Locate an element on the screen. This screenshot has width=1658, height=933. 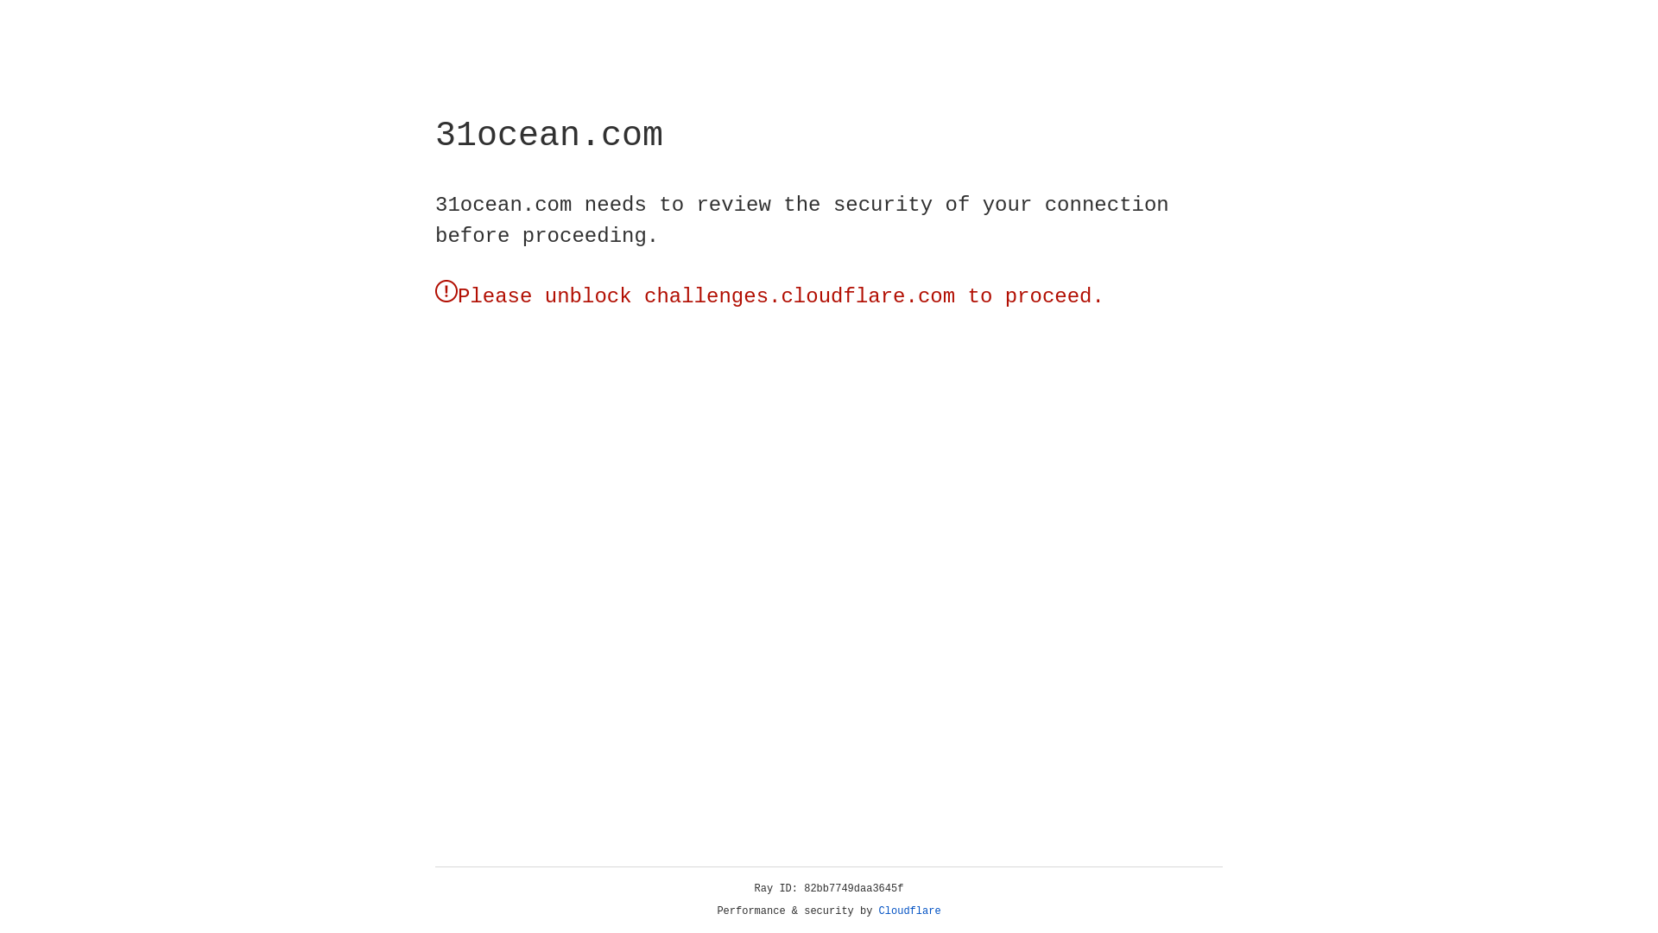
'Cloudflare' is located at coordinates (909, 911).